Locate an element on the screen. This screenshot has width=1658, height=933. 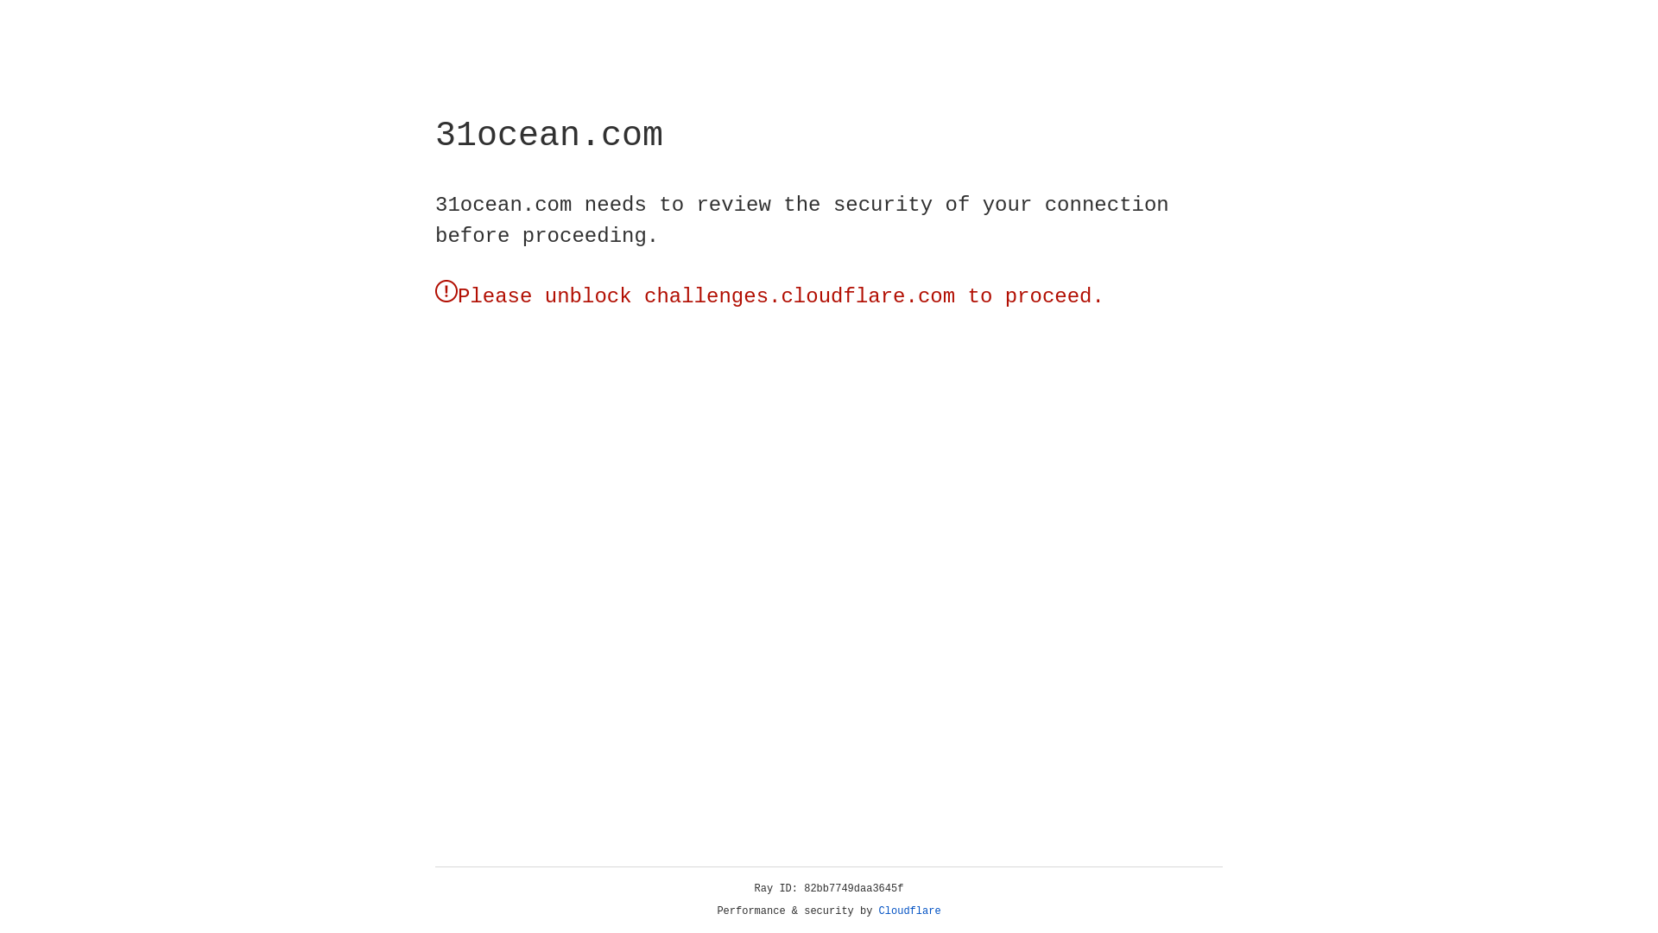
'Cloudflare' is located at coordinates (909, 911).